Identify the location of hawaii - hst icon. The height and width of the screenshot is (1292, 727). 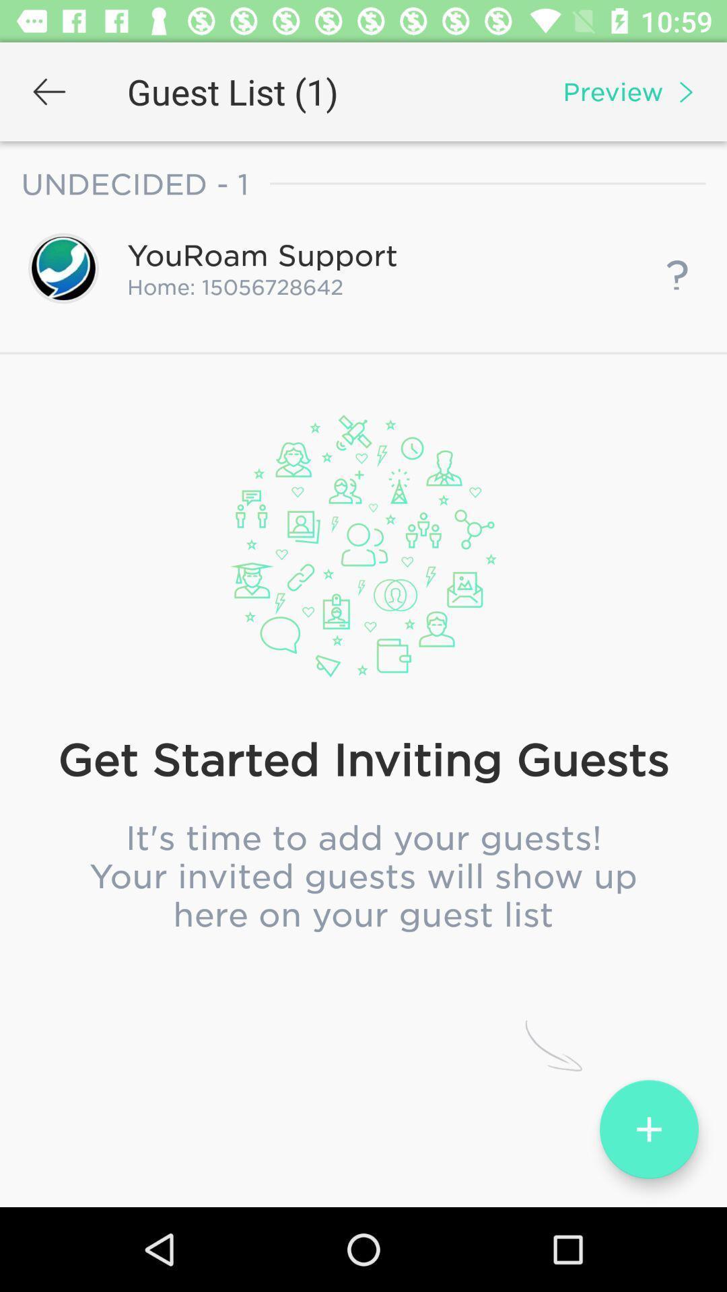
(363, 689).